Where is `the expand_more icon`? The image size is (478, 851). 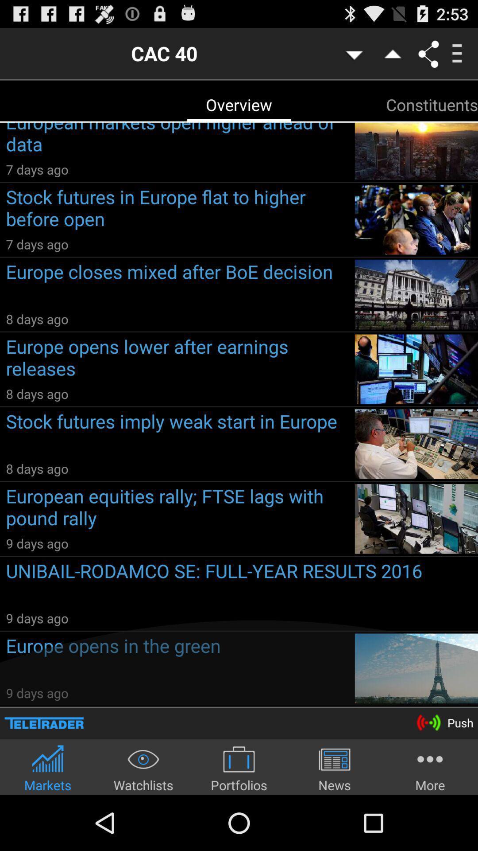 the expand_more icon is located at coordinates (353, 57).